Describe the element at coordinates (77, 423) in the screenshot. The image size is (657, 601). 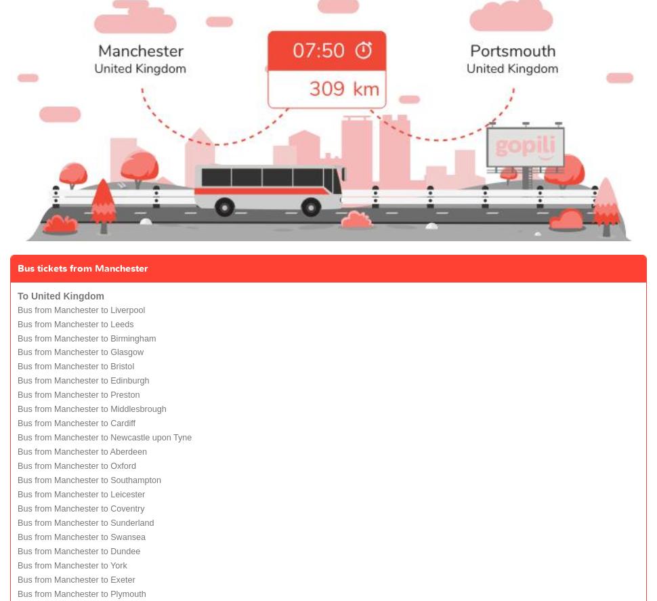
I see `'Bus from Manchester to Cardiff'` at that location.